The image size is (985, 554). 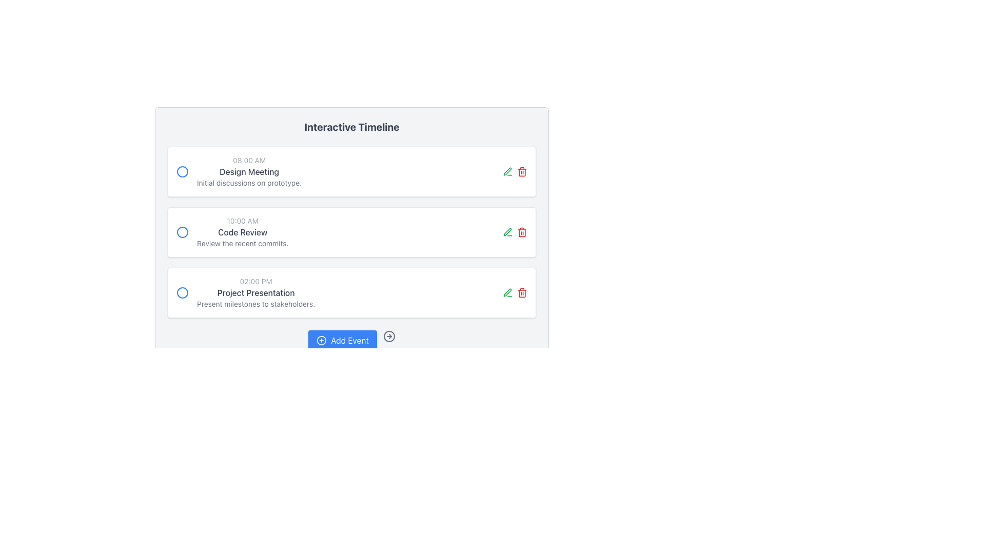 What do you see at coordinates (388, 336) in the screenshot?
I see `the circular arrow pointing right icon next to the 'Add Event' button to observe the state change` at bounding box center [388, 336].